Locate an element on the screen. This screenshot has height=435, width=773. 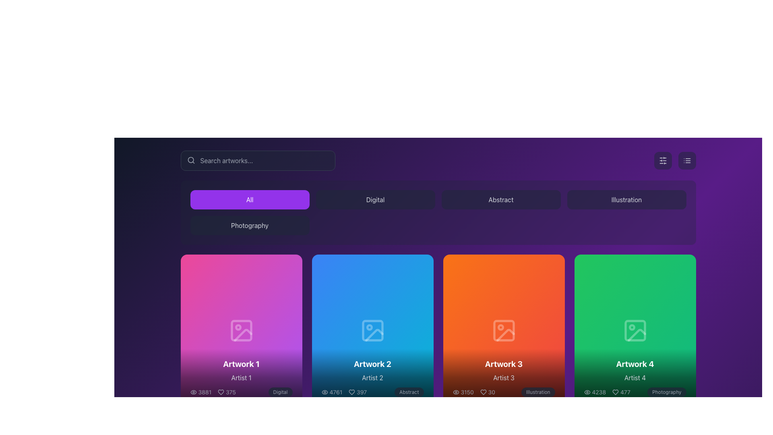
the decorative circle element in the upper-left region of the graphical depiction in 'Artwork 4' is located at coordinates (631, 327).